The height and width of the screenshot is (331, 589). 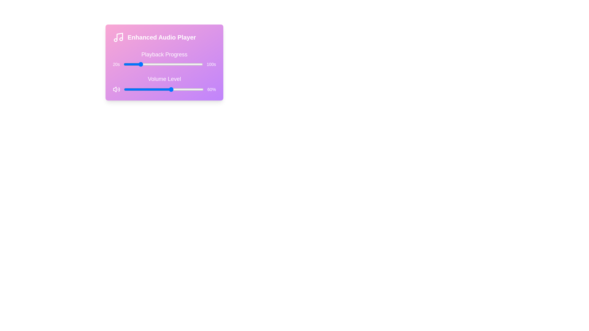 I want to click on the volume level to 5%, so click(x=128, y=89).